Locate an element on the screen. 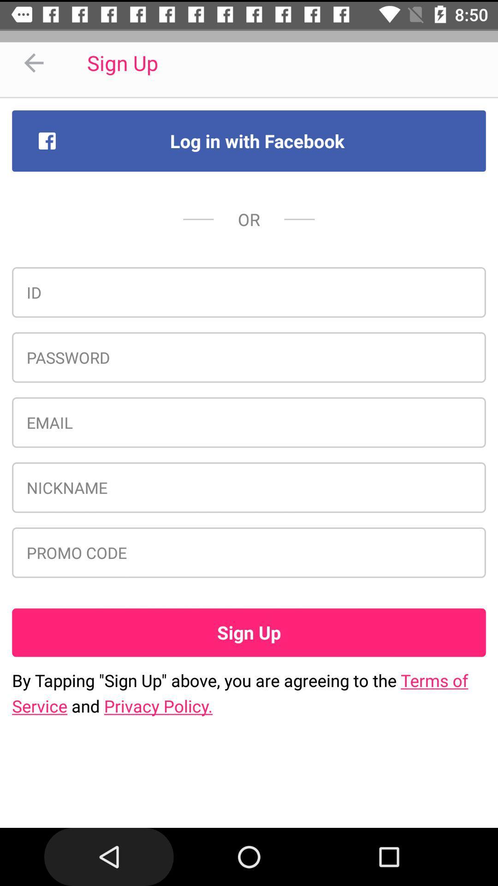 Image resolution: width=498 pixels, height=886 pixels. icon above or icon is located at coordinates (249, 140).